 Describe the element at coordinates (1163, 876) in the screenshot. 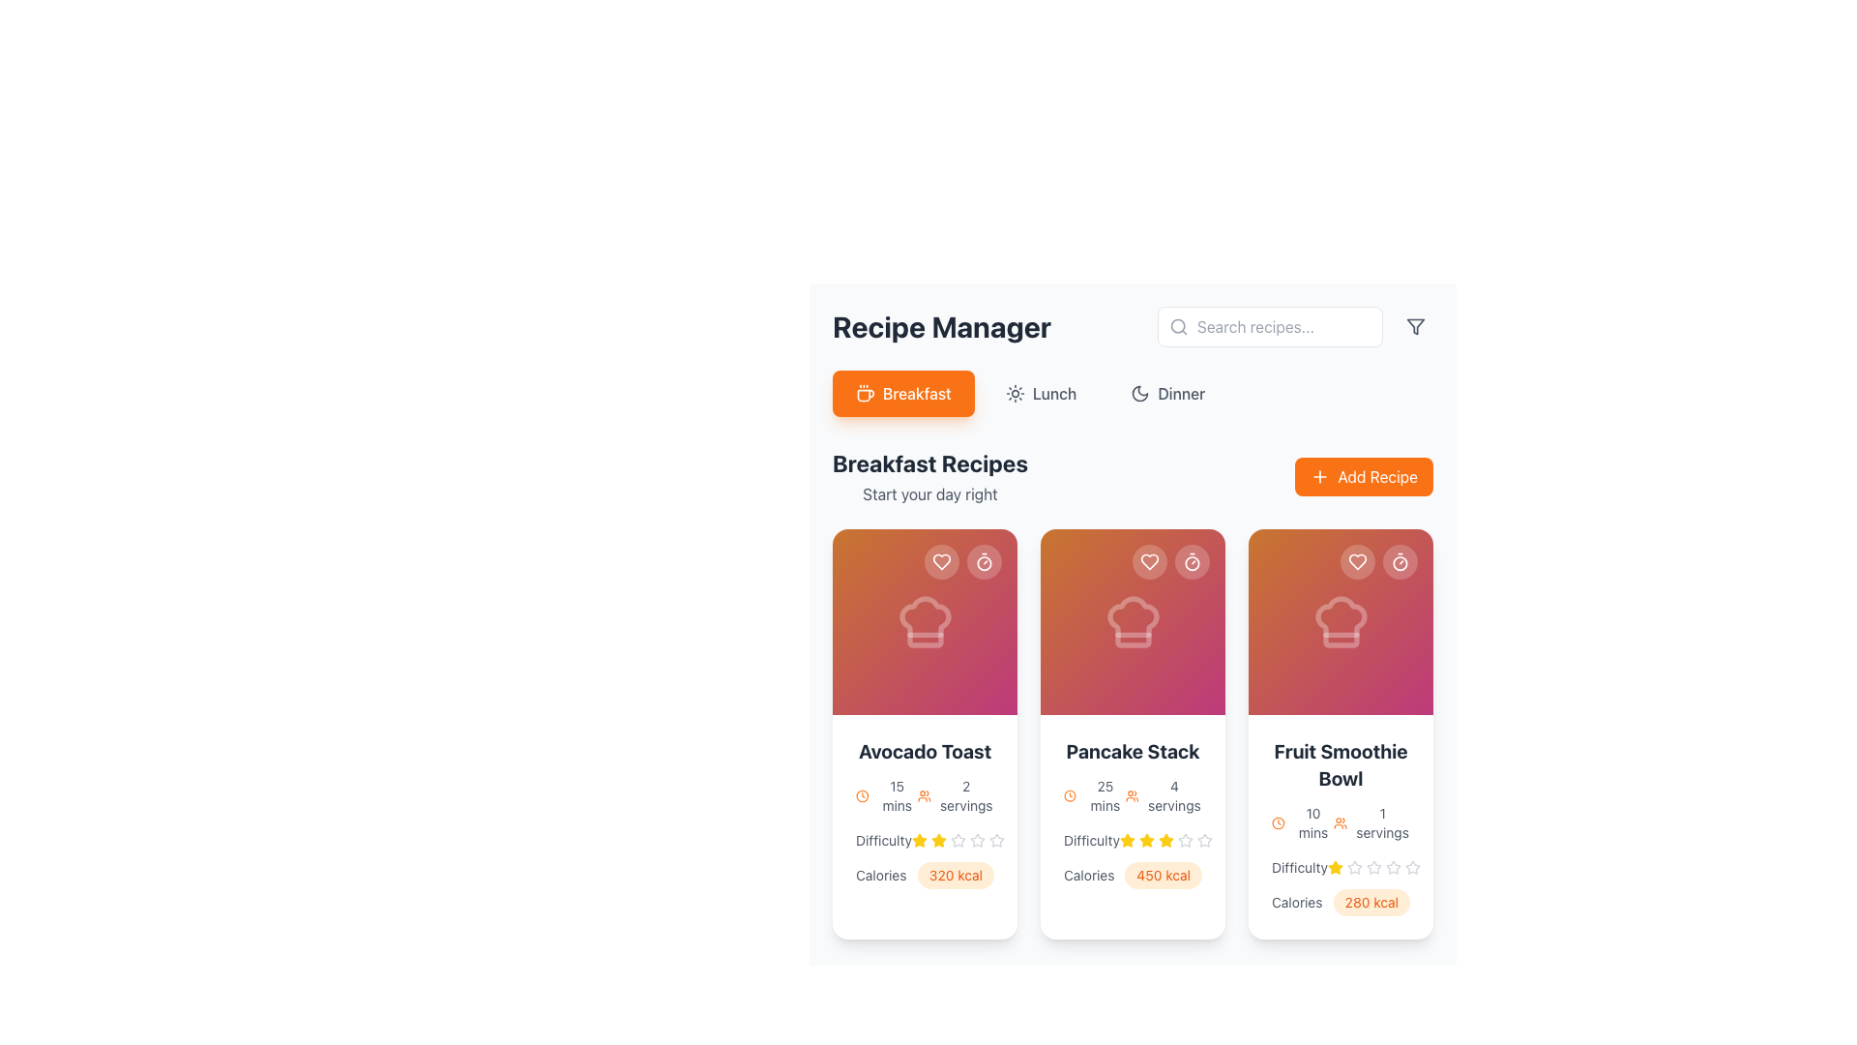

I see `the pill-shaped text badge displaying '450 kcal' with orange text on a light orange background, located in the 'Calories' section of the 'Pancake Stack' recipe card` at that location.